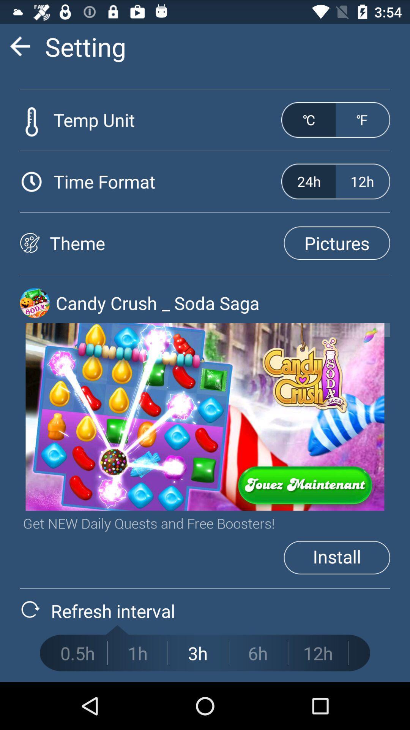 Image resolution: width=410 pixels, height=730 pixels. Describe the element at coordinates (19, 49) in the screenshot. I see `the arrow_backward icon` at that location.